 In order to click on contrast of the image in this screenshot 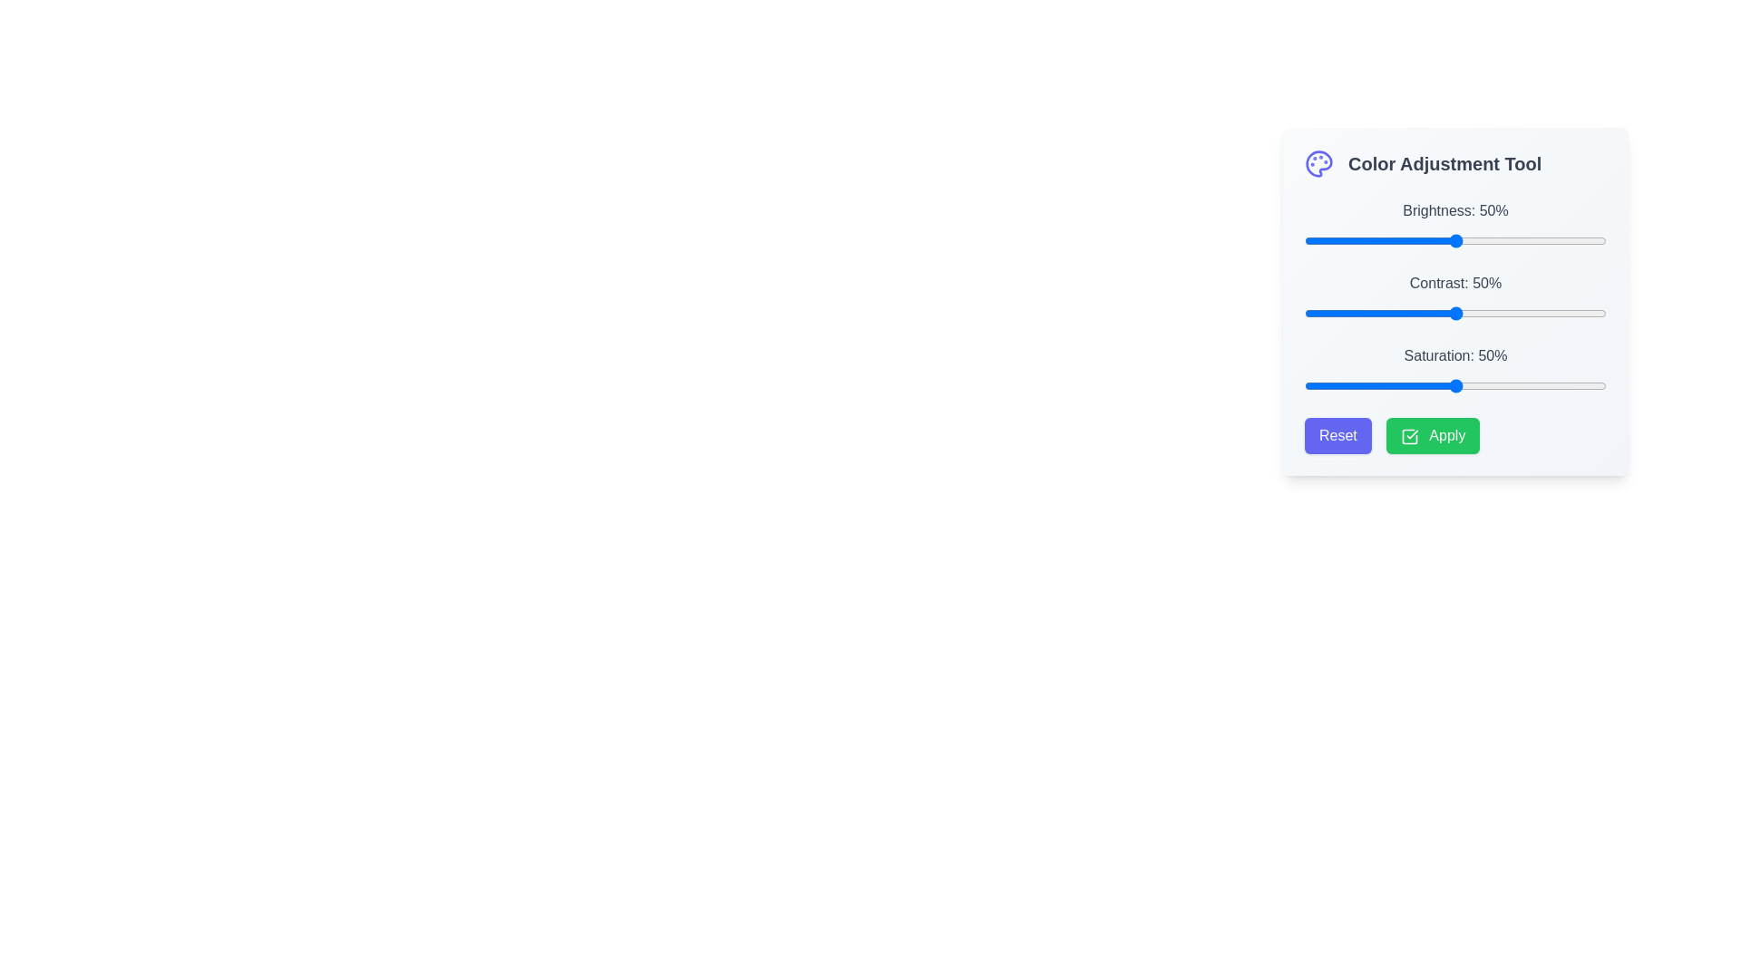, I will do `click(1524, 313)`.